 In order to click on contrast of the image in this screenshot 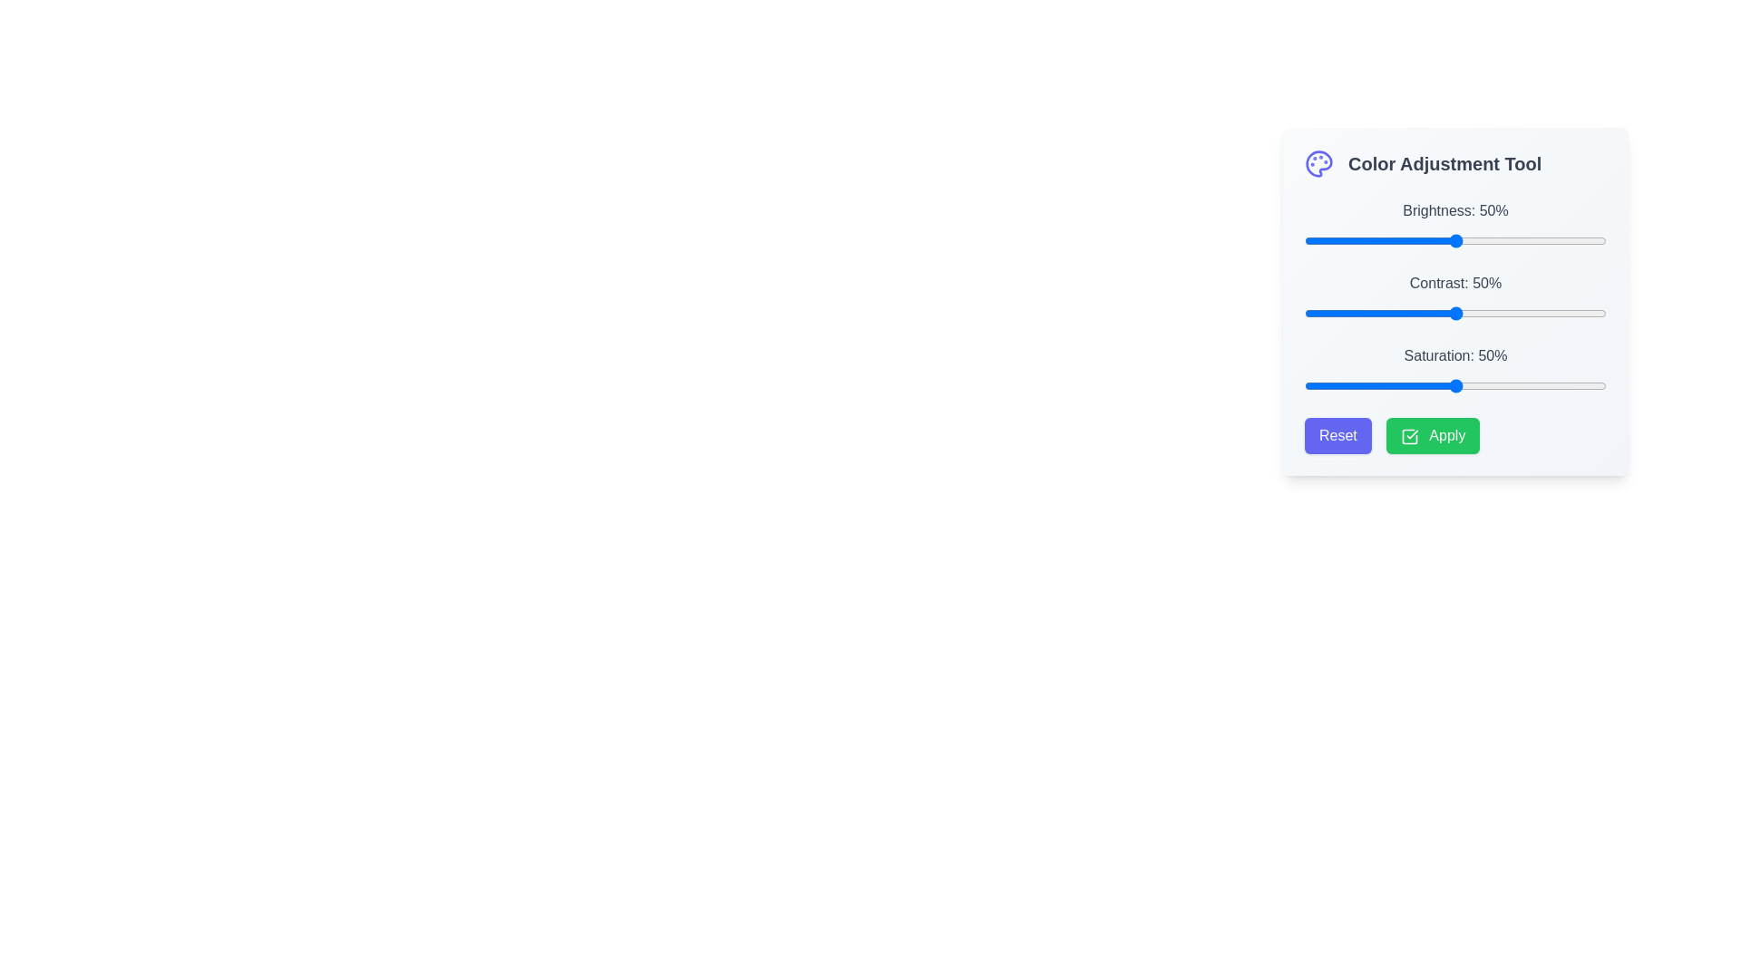, I will do `click(1524, 313)`.